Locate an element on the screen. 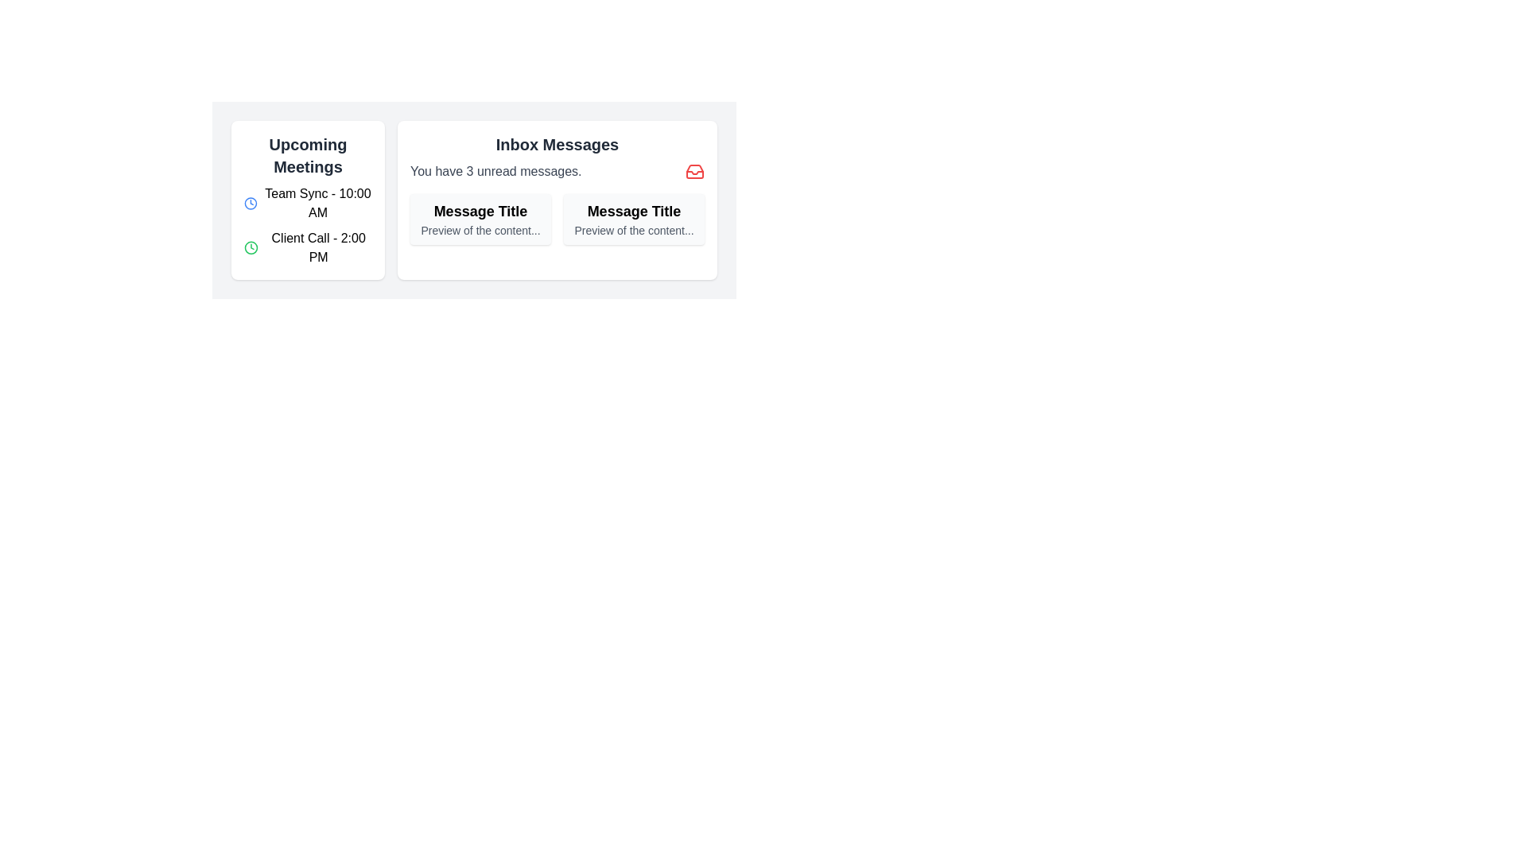 The width and height of the screenshot is (1527, 859). the icon indicating the inbox section, located at the rightmost part of the 'Inbox Messages' section, near the text 'You have 3 unread messages.' is located at coordinates (694, 172).